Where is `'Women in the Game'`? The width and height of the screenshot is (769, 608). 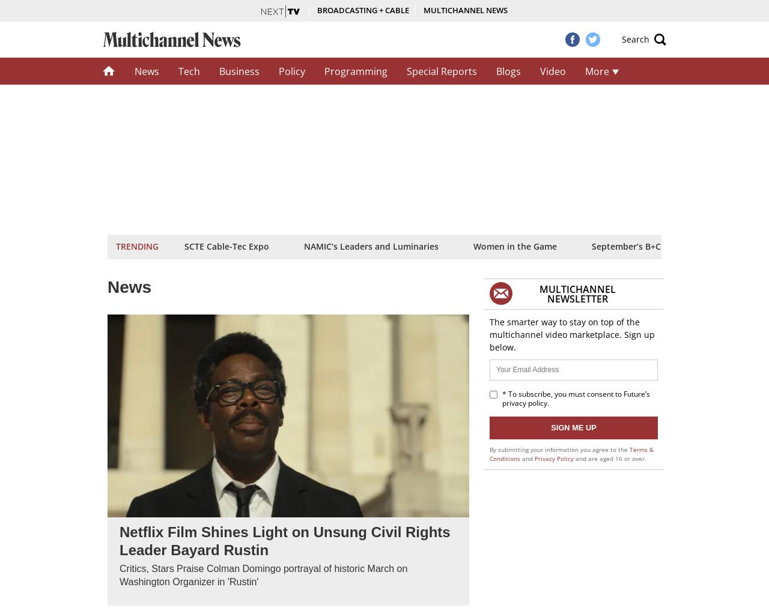
'Women in the Game' is located at coordinates (472, 245).